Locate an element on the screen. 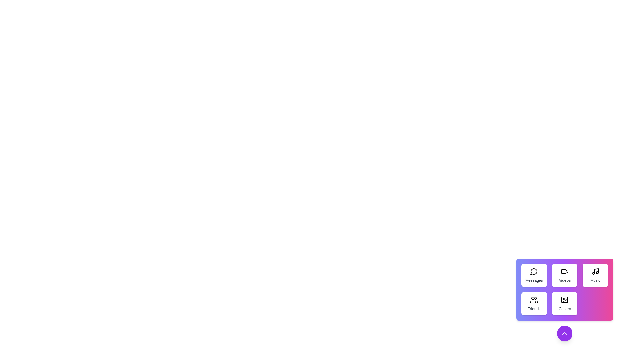 The width and height of the screenshot is (621, 349). the 'Friends' button is located at coordinates (534, 304).